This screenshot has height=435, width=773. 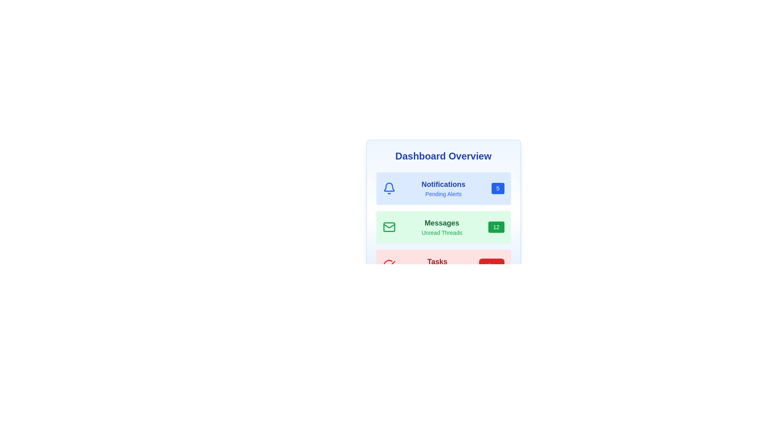 What do you see at coordinates (437, 265) in the screenshot?
I see `the text label indicating 'Tasks Completed Goals View' which is centrally located in its section and serves as a header for tasks and completed goals` at bounding box center [437, 265].